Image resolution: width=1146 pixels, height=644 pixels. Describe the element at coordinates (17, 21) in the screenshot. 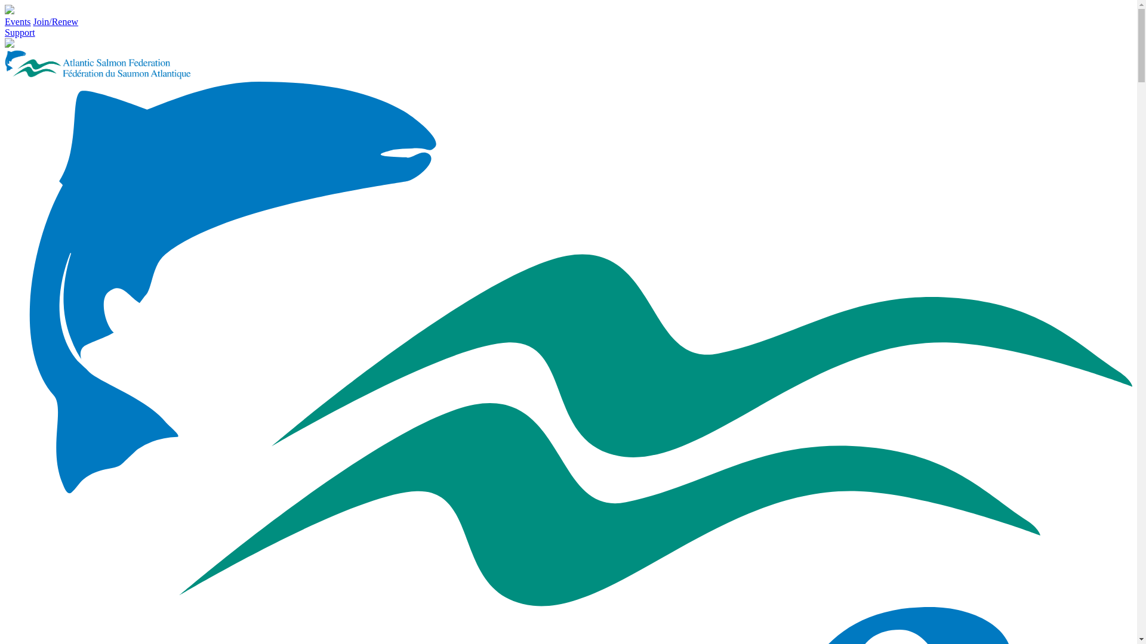

I see `'Events'` at that location.